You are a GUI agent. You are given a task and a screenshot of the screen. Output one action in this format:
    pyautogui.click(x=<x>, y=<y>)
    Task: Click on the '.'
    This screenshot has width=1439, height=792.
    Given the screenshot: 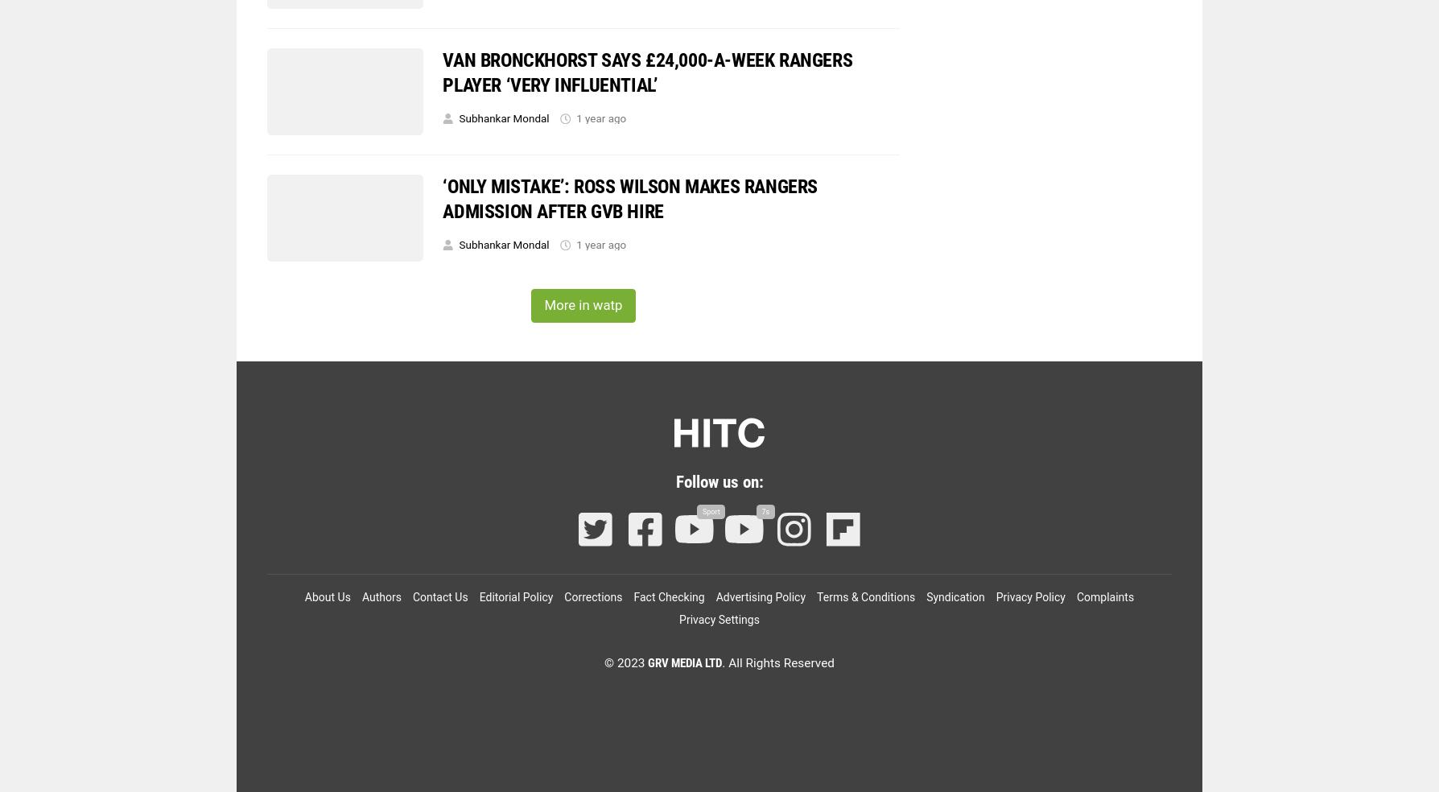 What is the action you would take?
    pyautogui.click(x=724, y=662)
    